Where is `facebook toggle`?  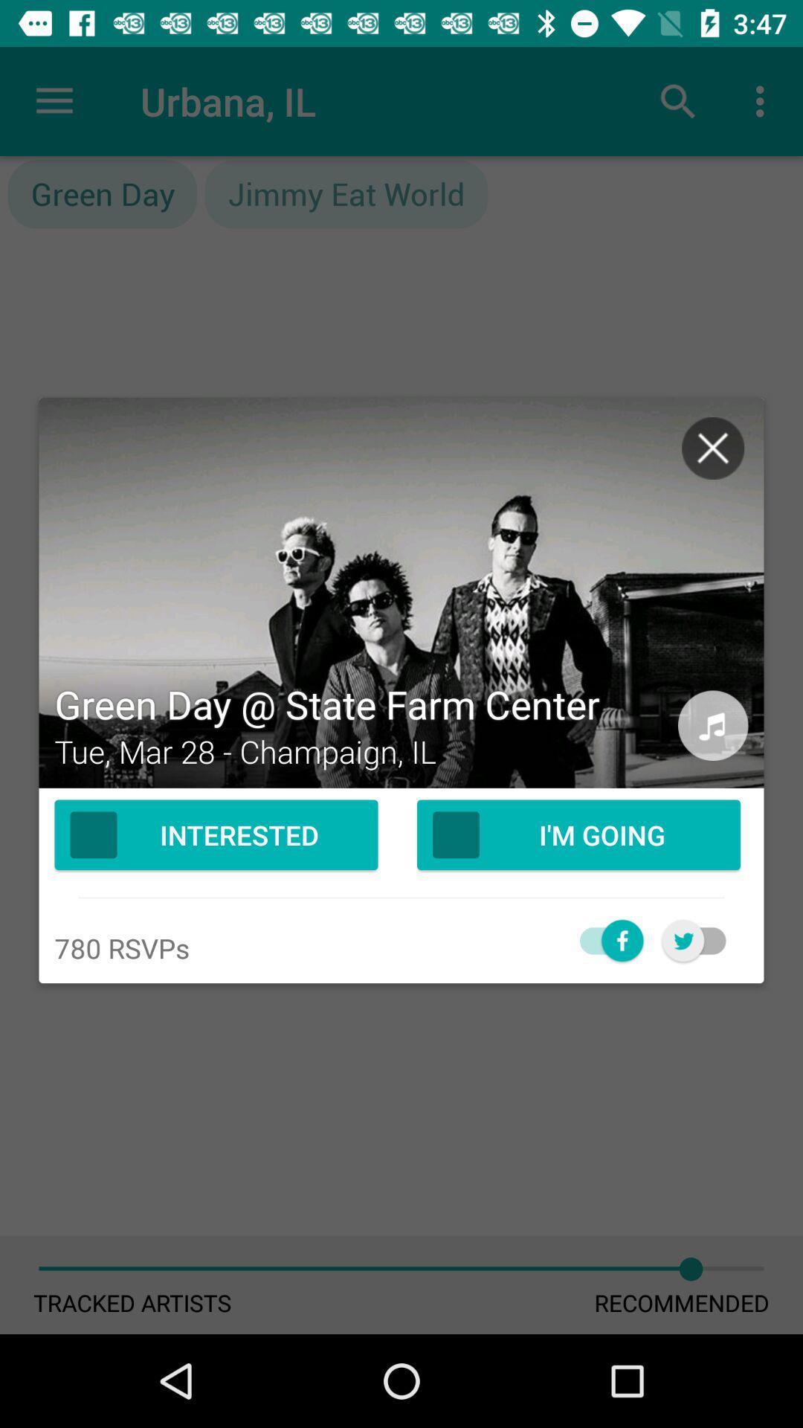
facebook toggle is located at coordinates (603, 939).